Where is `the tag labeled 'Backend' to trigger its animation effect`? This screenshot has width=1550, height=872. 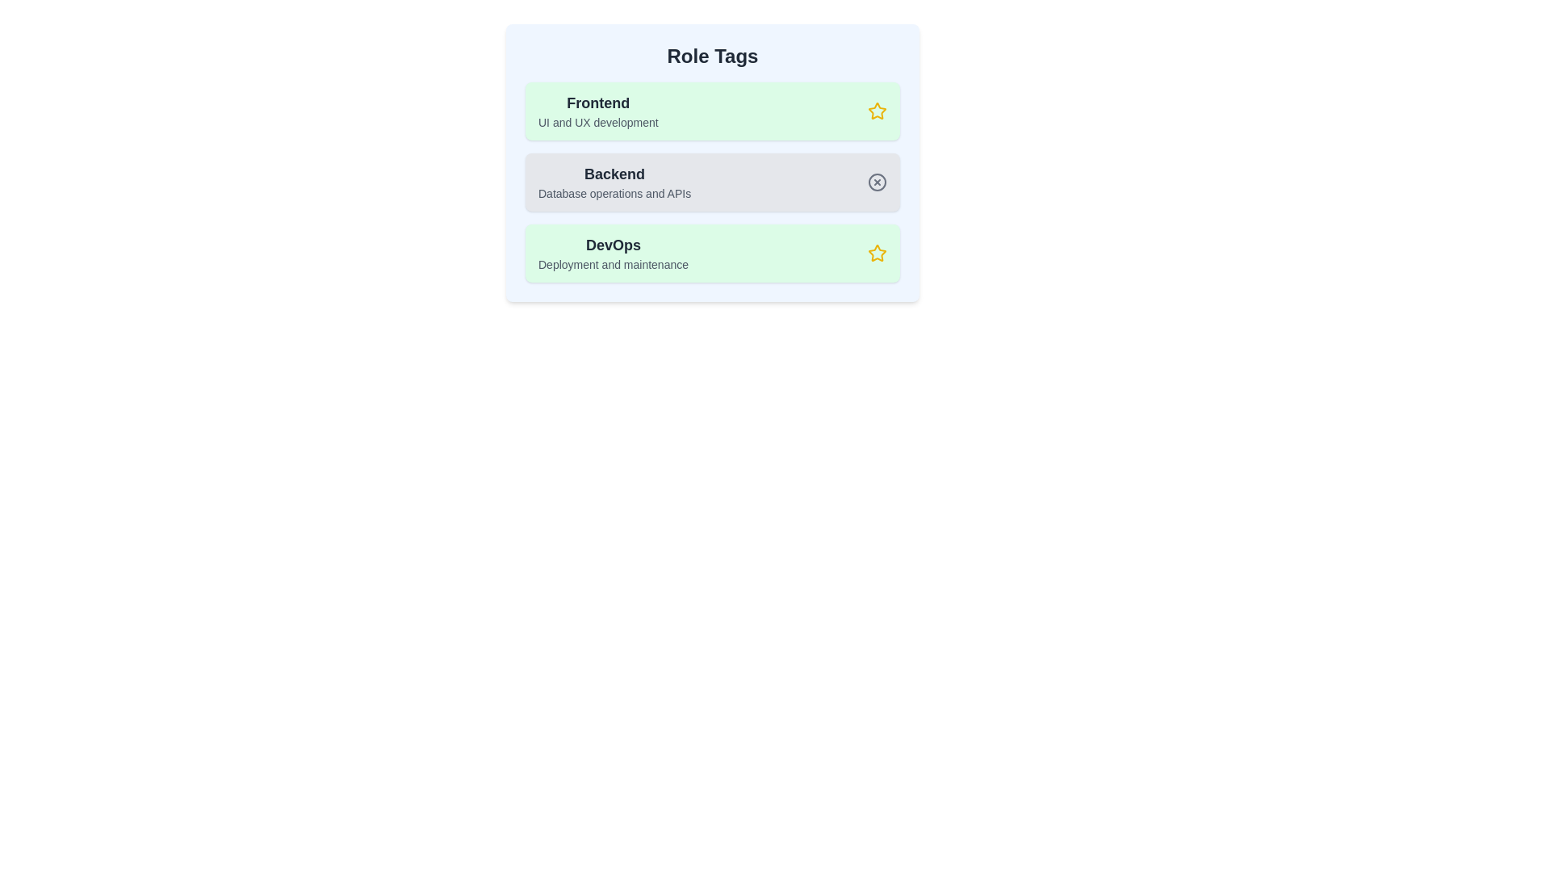 the tag labeled 'Backend' to trigger its animation effect is located at coordinates (712, 182).